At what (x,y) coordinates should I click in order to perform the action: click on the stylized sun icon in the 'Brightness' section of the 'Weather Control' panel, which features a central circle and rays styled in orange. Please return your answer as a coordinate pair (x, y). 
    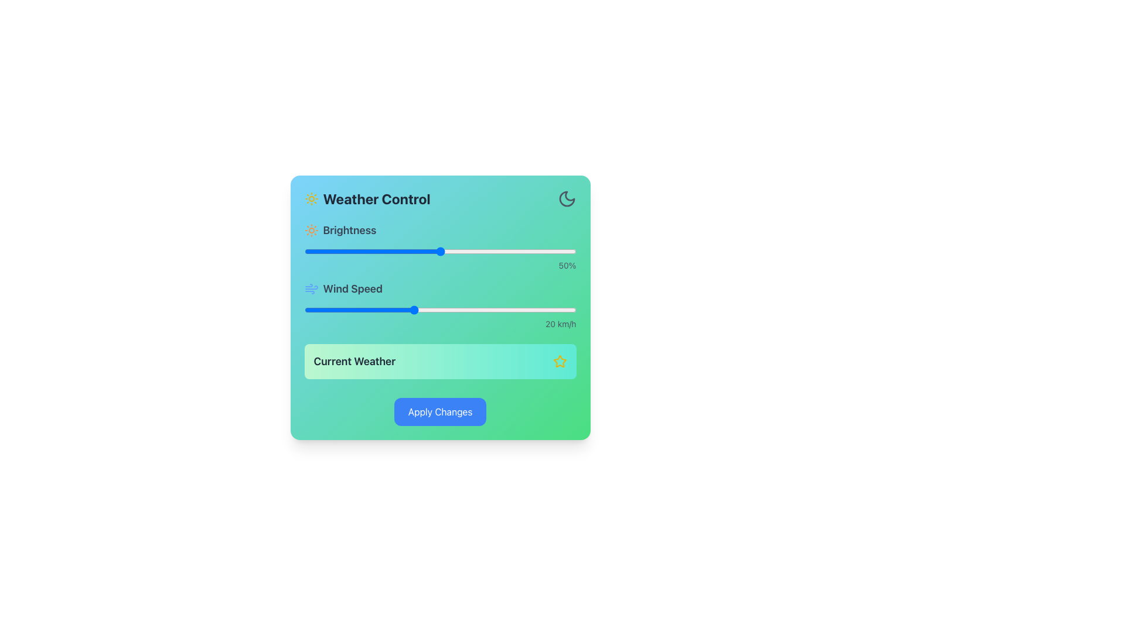
    Looking at the image, I should click on (311, 230).